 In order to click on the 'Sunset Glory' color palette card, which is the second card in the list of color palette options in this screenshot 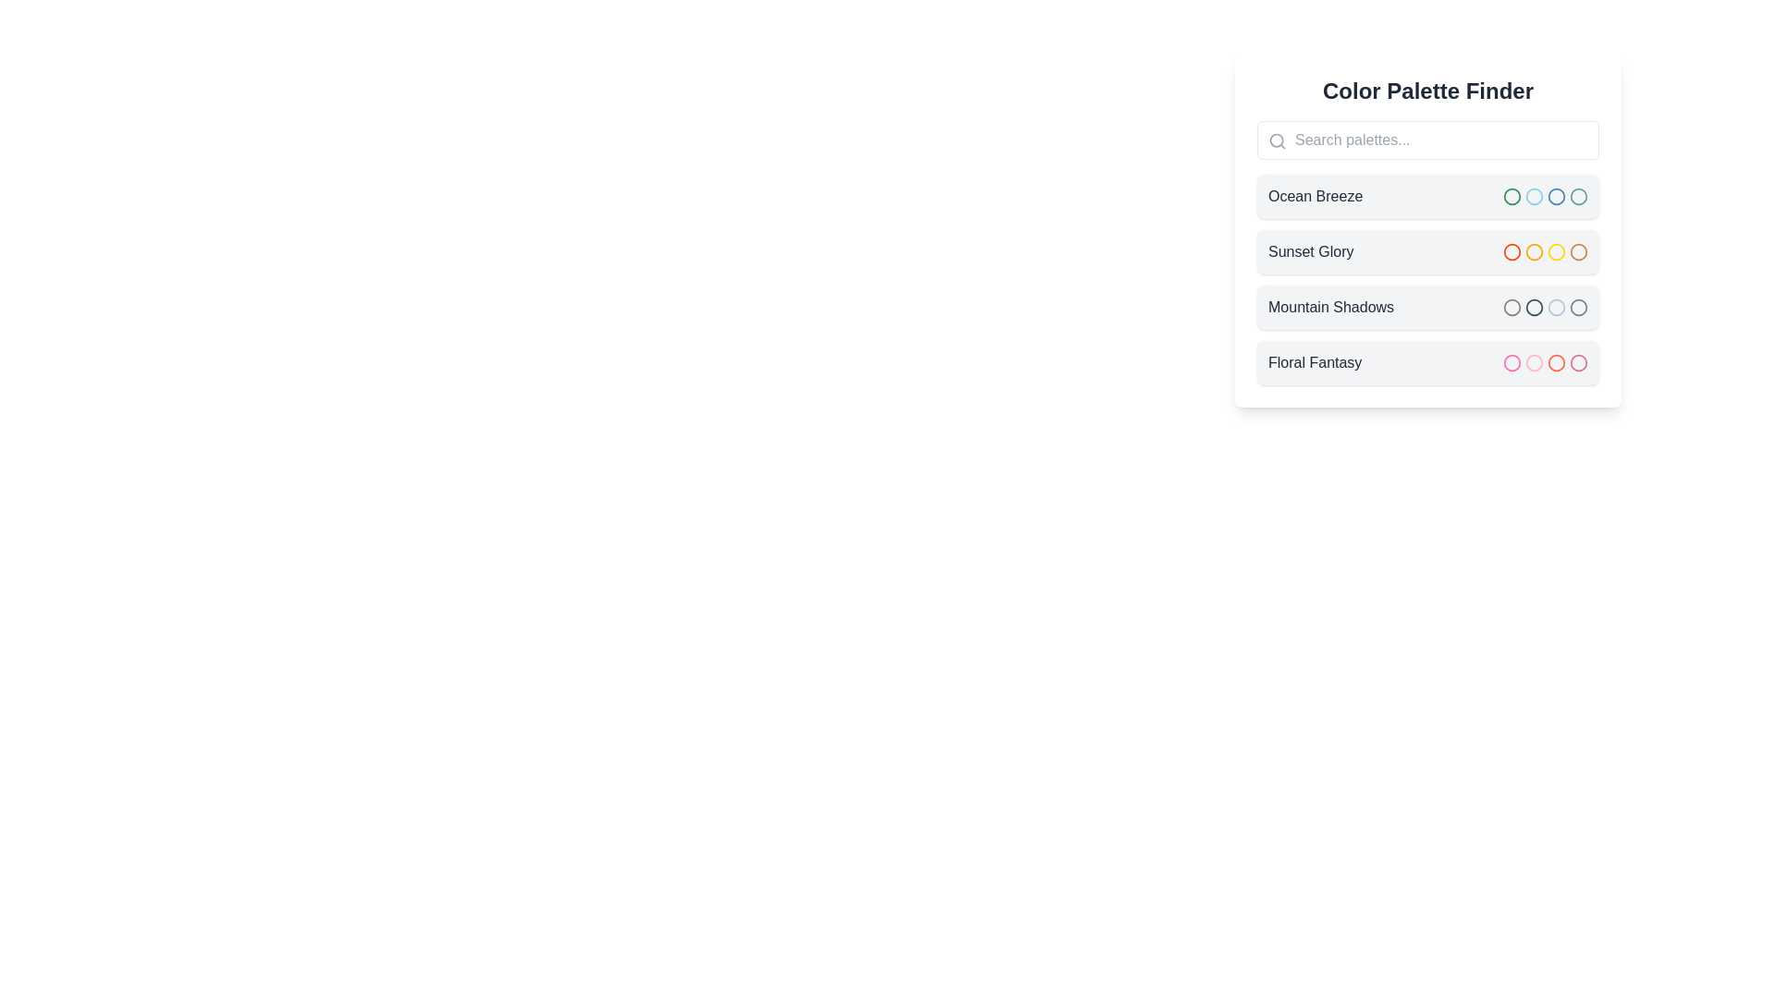, I will do `click(1427, 230)`.